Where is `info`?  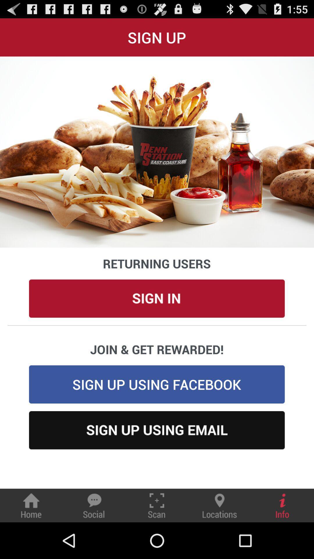 info is located at coordinates (282, 505).